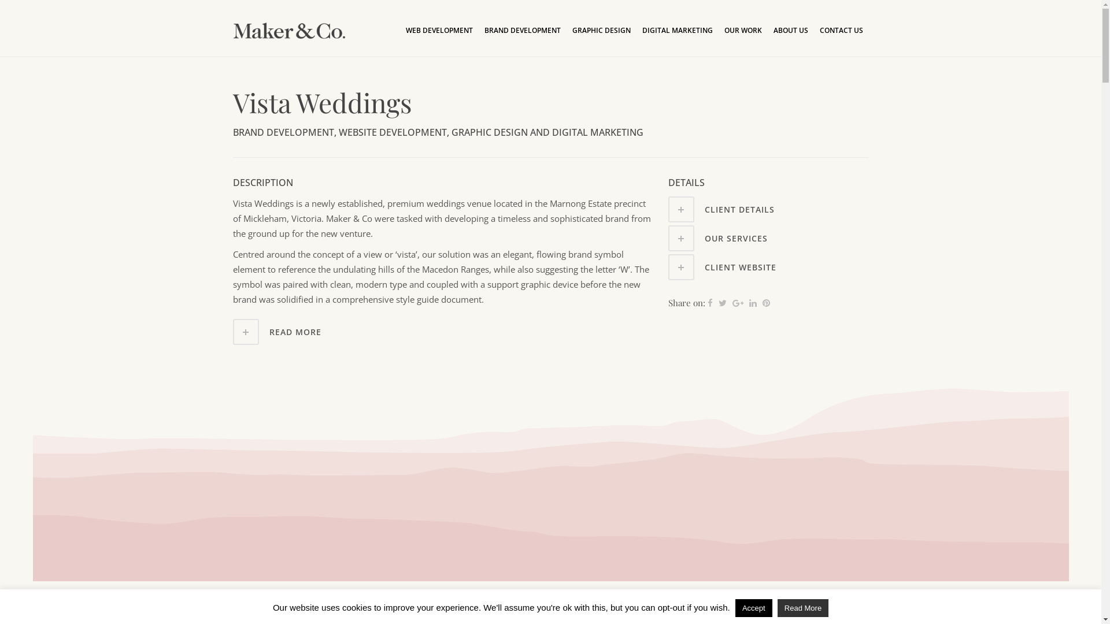 The image size is (1110, 624). What do you see at coordinates (732, 302) in the screenshot?
I see `'Share on Google+'` at bounding box center [732, 302].